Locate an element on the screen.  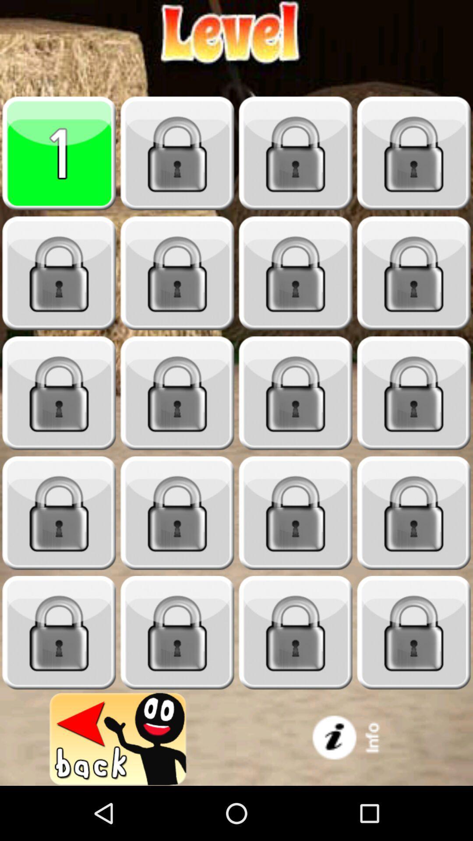
unlock new level is located at coordinates (177, 393).